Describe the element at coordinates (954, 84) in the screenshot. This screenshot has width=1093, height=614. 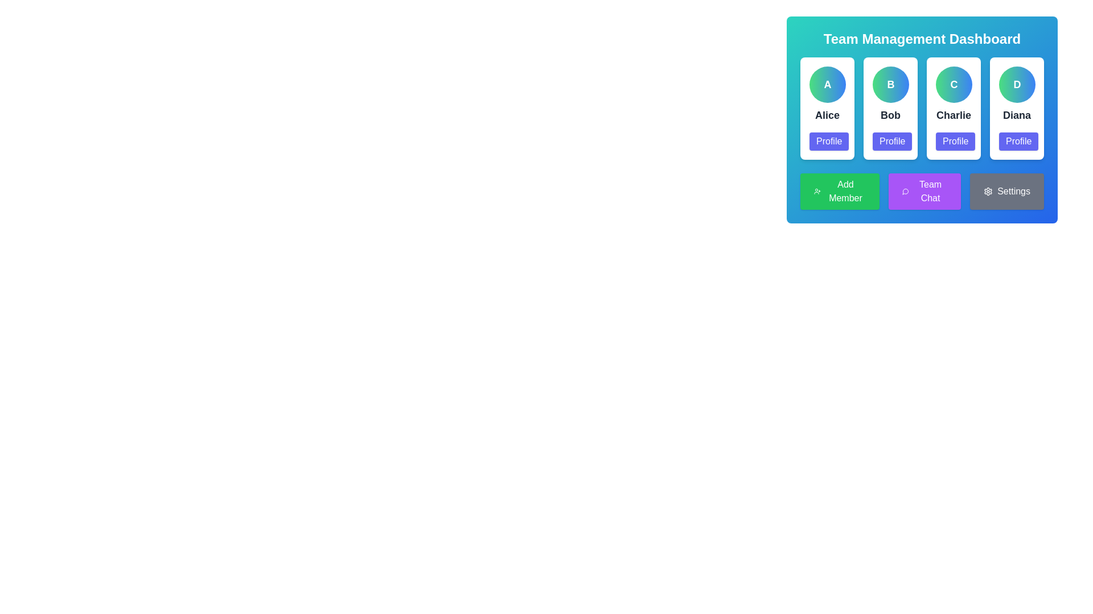
I see `the circular badge with a gradient background featuring a white letter 'C', located above the 'Charlie' label` at that location.